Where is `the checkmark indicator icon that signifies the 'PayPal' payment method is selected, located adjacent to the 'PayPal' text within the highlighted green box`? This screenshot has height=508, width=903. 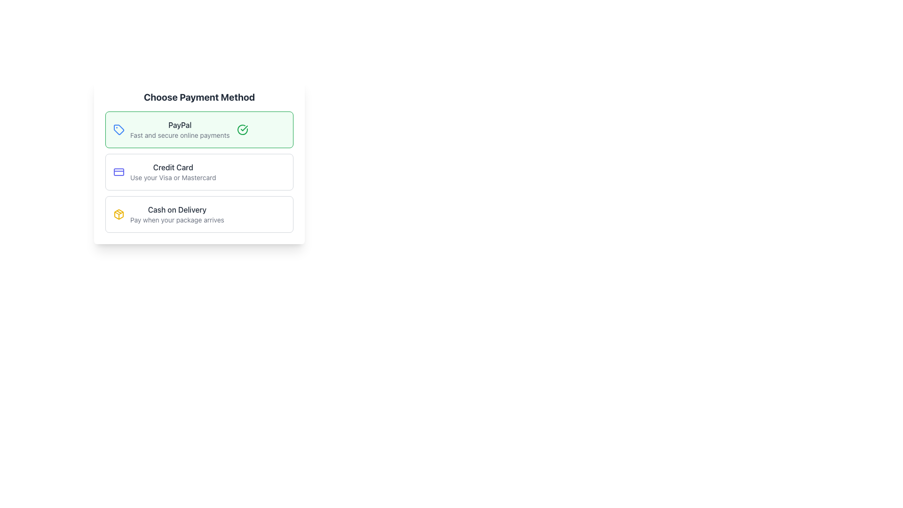
the checkmark indicator icon that signifies the 'PayPal' payment method is selected, located adjacent to the 'PayPal' text within the highlighted green box is located at coordinates (244, 128).